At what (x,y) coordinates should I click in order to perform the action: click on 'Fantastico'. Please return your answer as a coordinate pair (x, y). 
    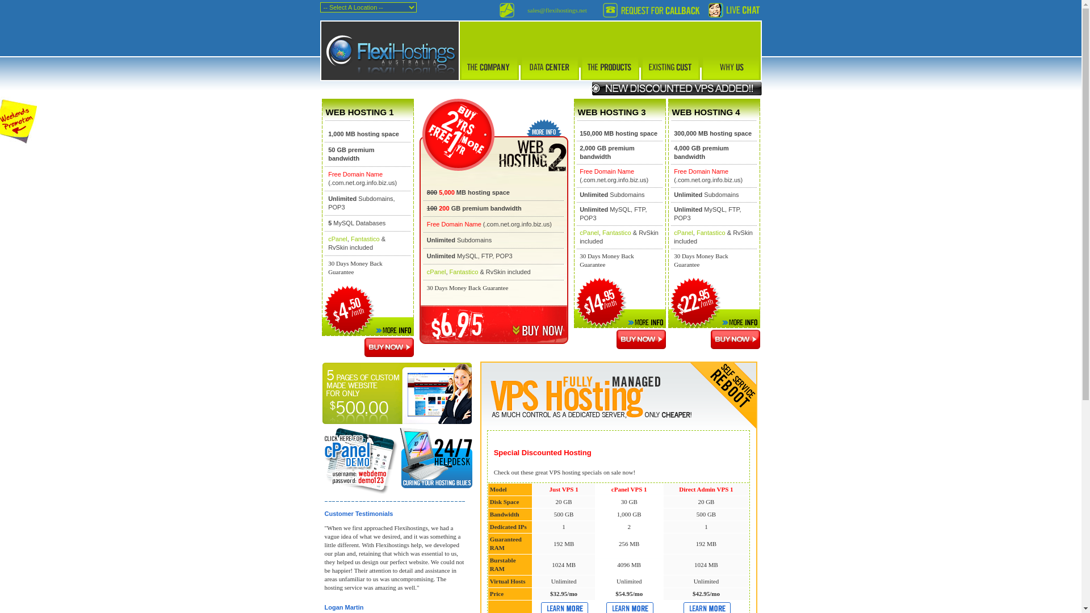
    Looking at the image, I should click on (365, 238).